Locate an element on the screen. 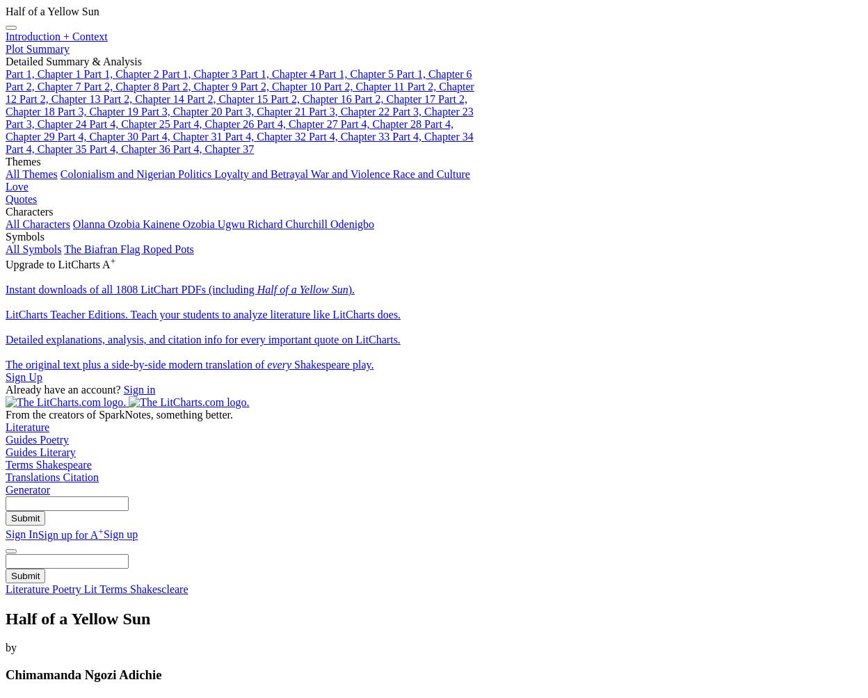  'Part 4, Chapter 37' is located at coordinates (172, 148).